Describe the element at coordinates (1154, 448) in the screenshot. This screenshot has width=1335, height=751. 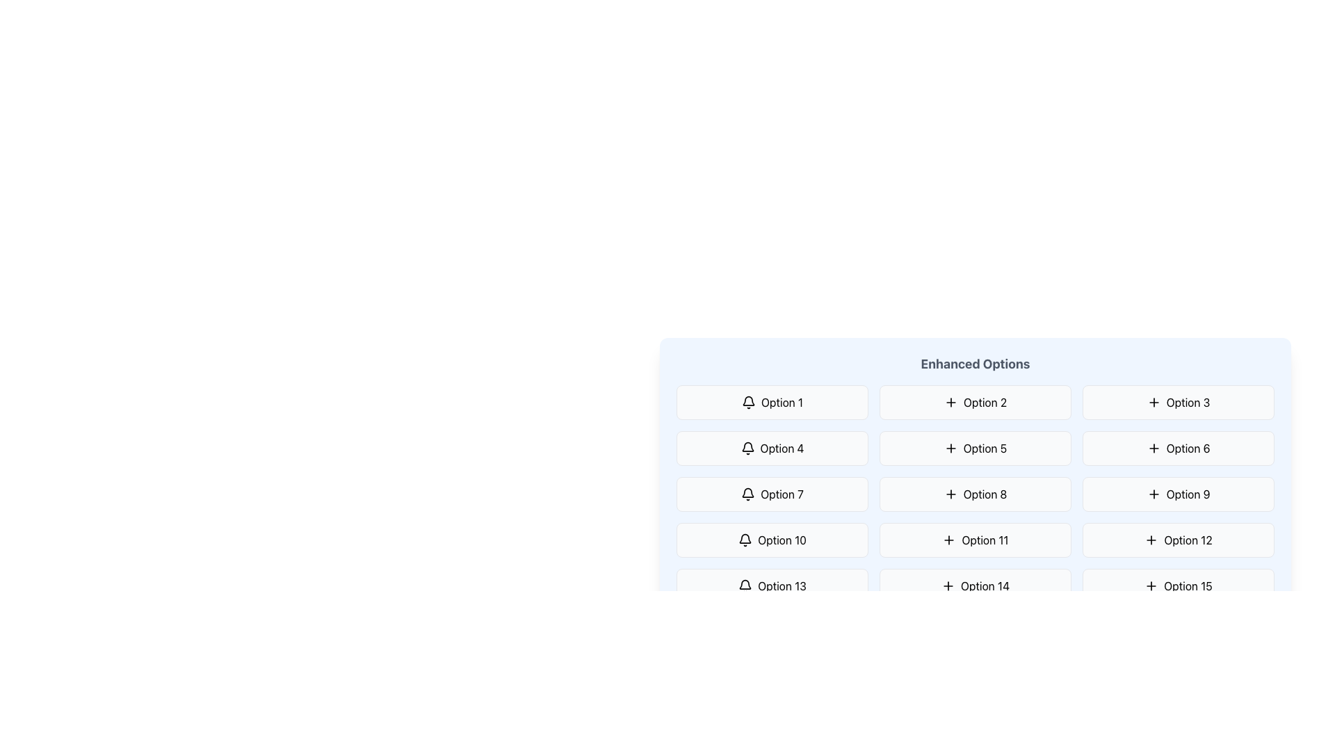
I see `the interactive control icon located to the left of the text 'Option 6'` at that location.